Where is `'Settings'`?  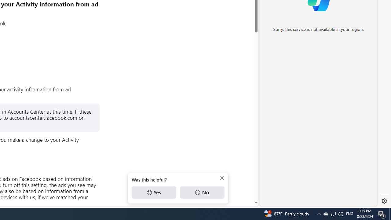 'Settings' is located at coordinates (384, 201).